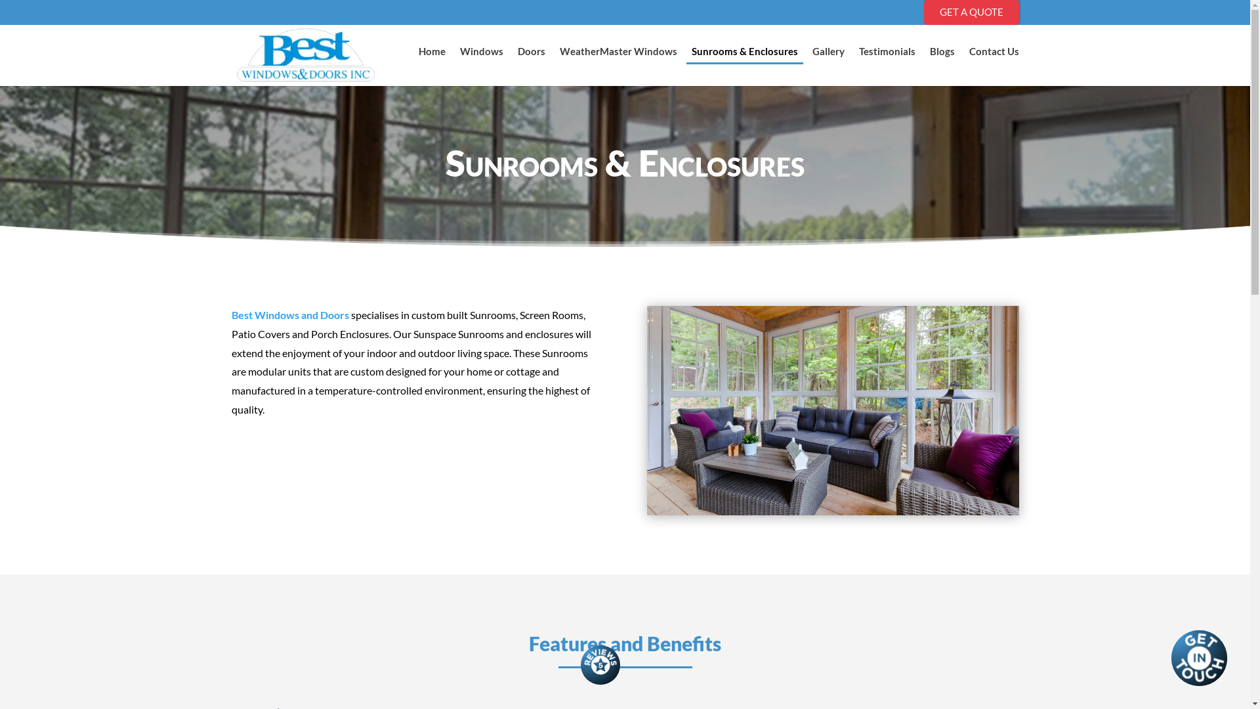  Describe the element at coordinates (941, 62) in the screenshot. I see `'Blogs'` at that location.